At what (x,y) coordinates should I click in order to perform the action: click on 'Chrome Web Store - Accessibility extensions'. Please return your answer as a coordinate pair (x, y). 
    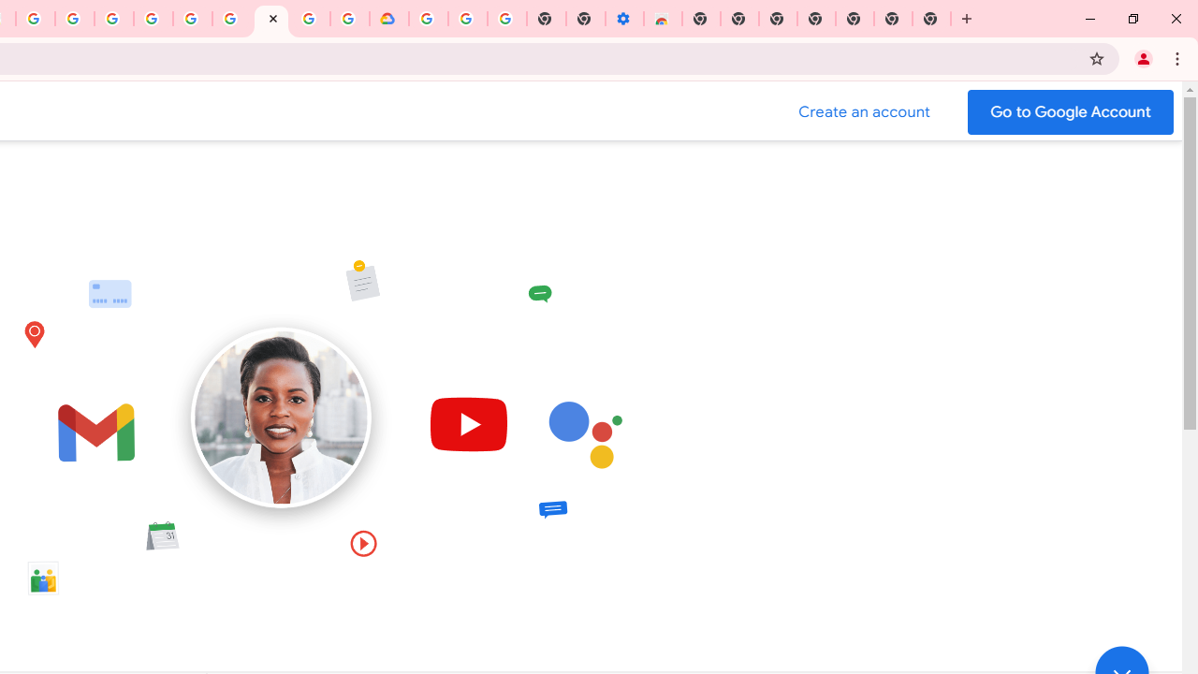
    Looking at the image, I should click on (663, 19).